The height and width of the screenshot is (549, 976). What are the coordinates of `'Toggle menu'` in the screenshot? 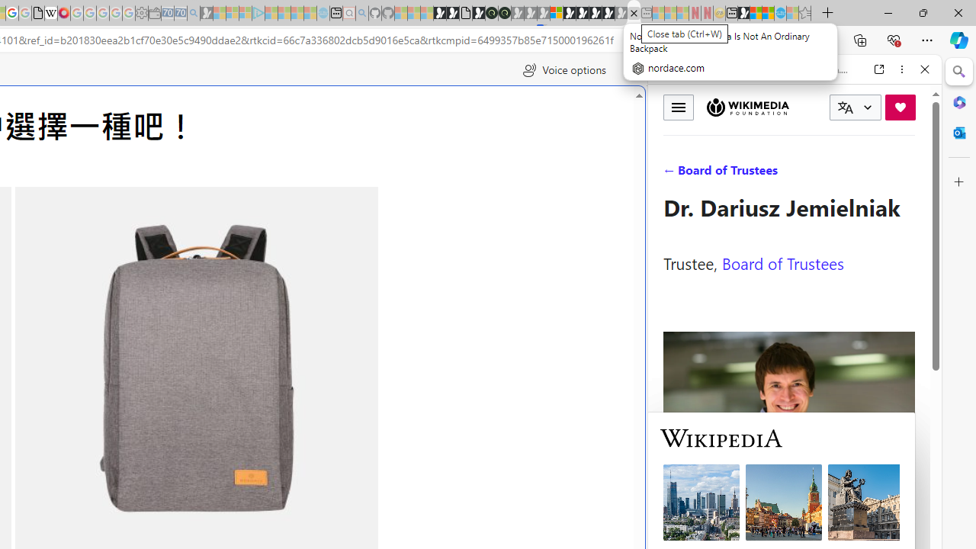 It's located at (678, 106).